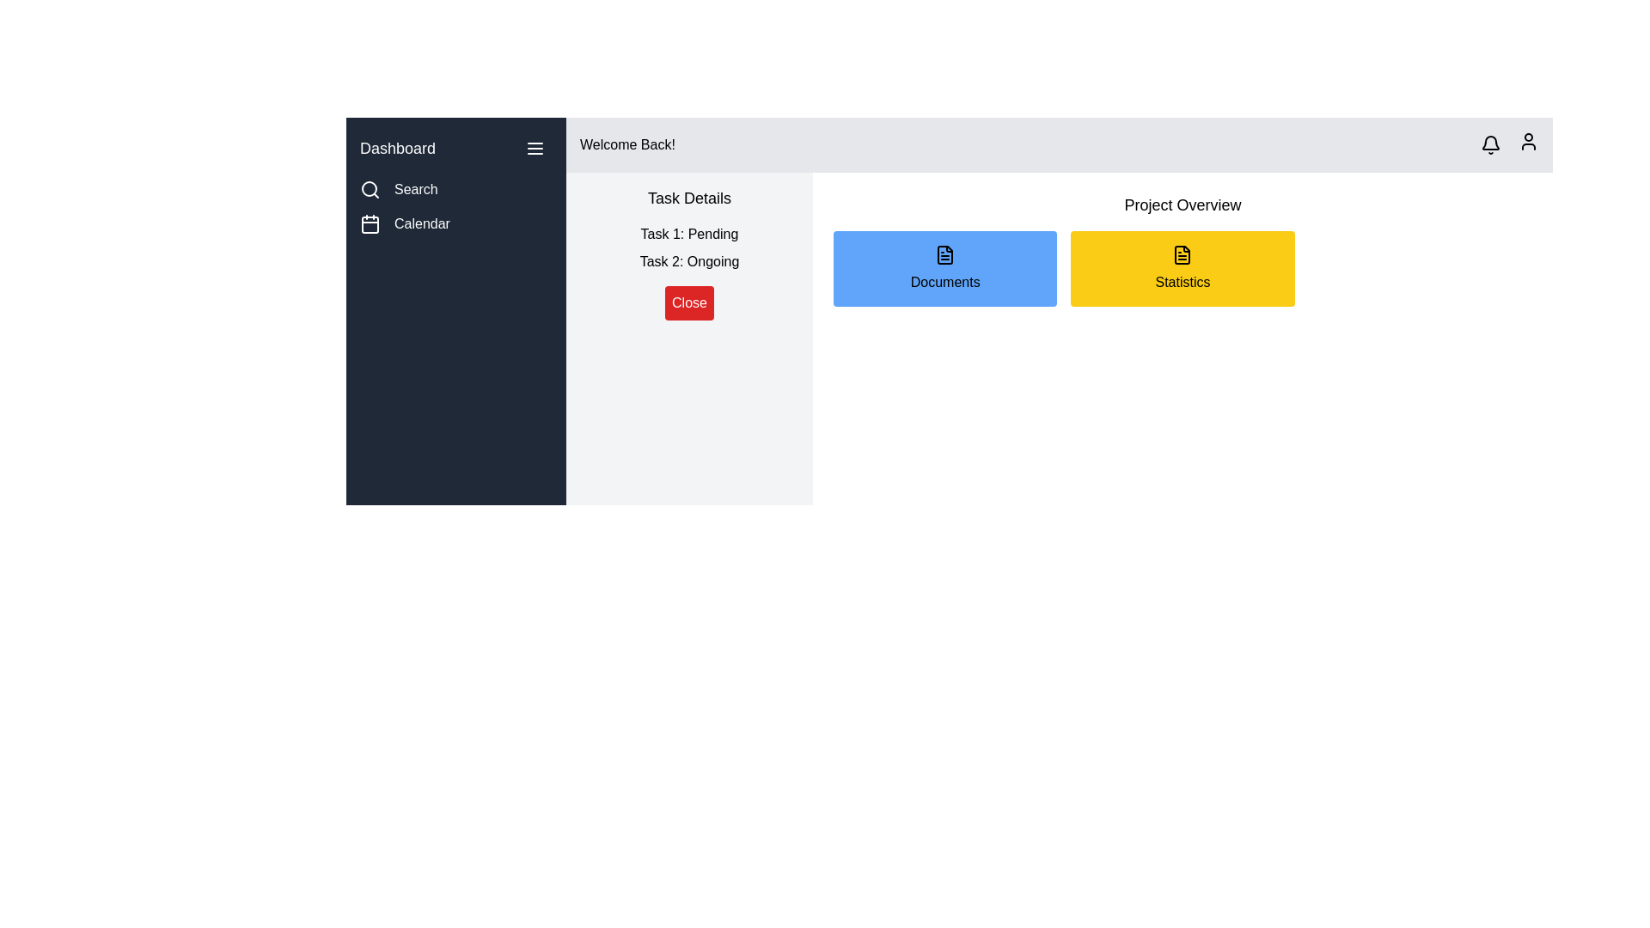 Image resolution: width=1650 pixels, height=928 pixels. Describe the element at coordinates (1529, 141) in the screenshot. I see `the user silhouette icon located` at that location.